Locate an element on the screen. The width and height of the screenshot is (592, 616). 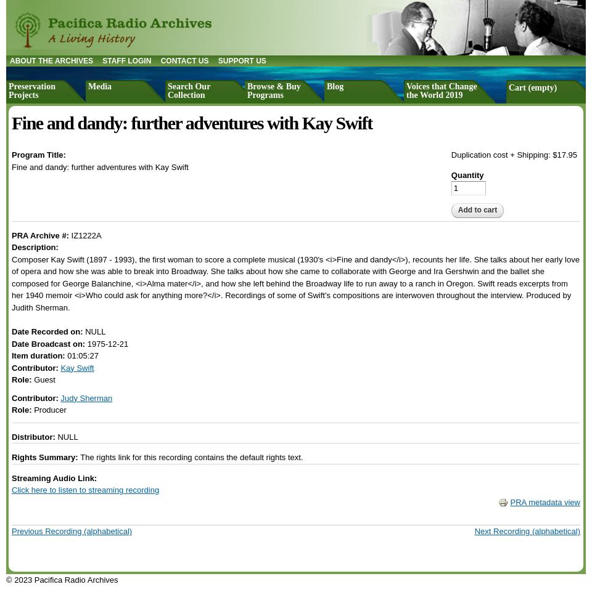
'Browse & Buy Programs' is located at coordinates (274, 91).